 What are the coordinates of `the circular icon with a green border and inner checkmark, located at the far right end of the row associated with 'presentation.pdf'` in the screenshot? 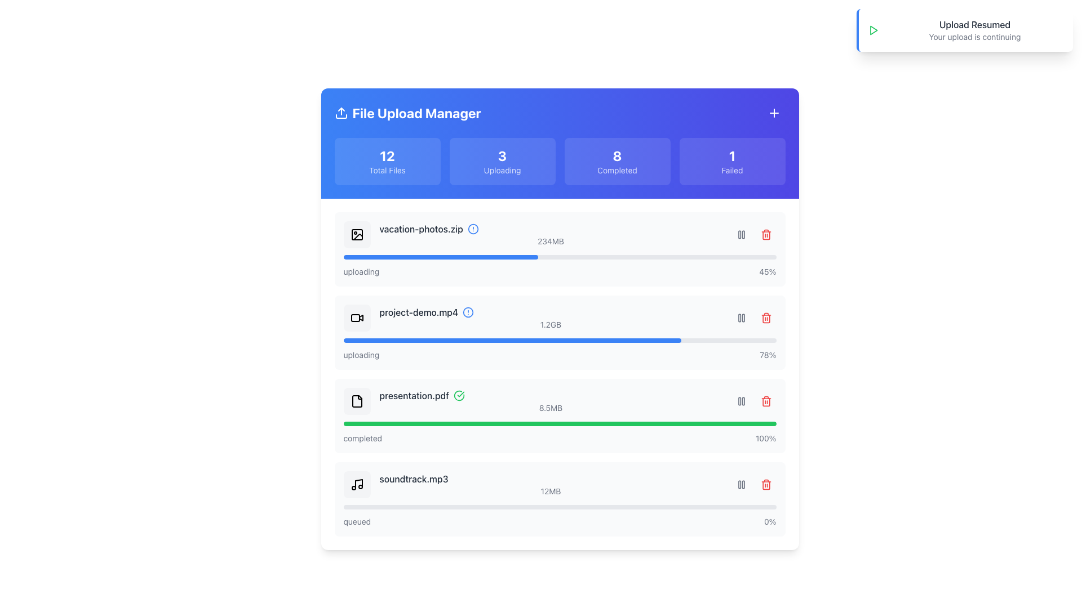 It's located at (459, 395).